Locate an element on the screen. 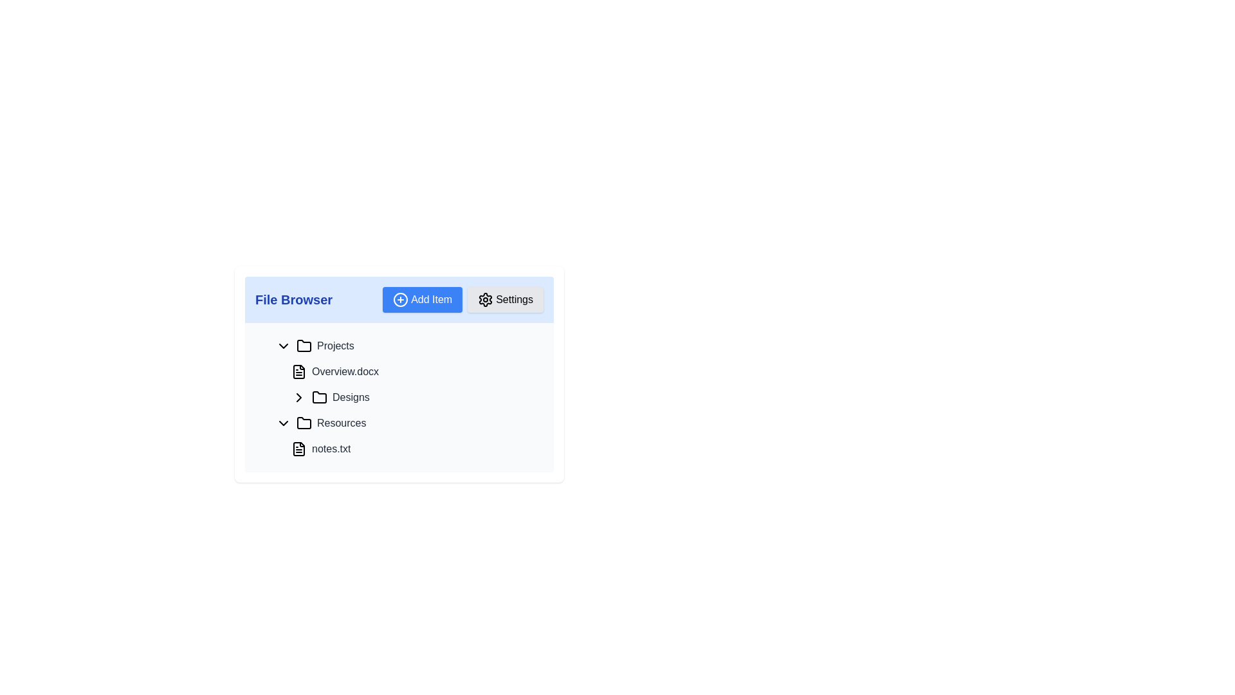 The image size is (1235, 695). the static text label displaying 'notes.txt' in the file browser interface, located near the bottom of the list under the 'Resources' folder section is located at coordinates (331, 449).